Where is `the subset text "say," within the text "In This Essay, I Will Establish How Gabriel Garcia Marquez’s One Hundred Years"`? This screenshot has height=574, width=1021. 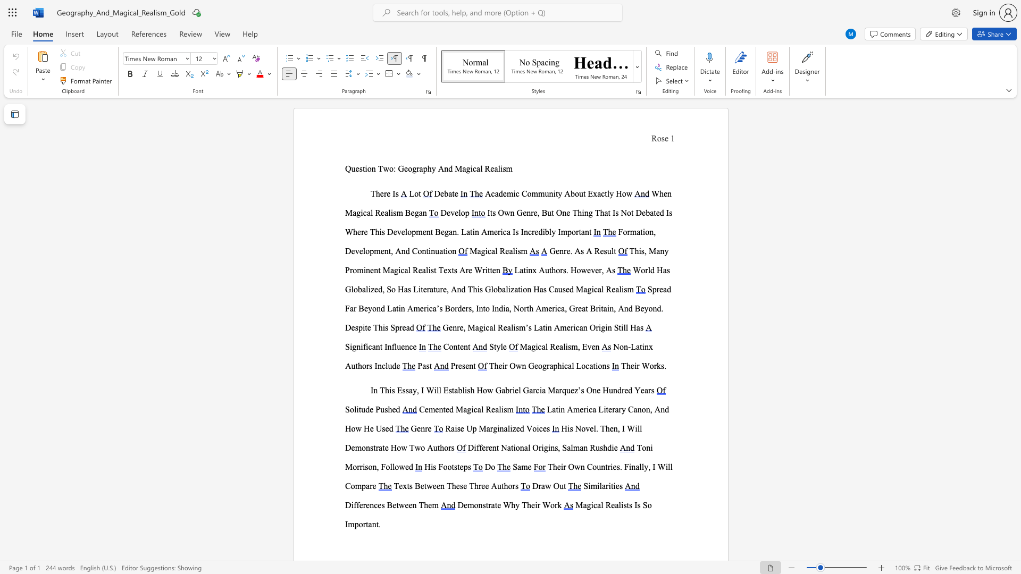 the subset text "say," within the text "In This Essay, I Will Establish How Gabriel Garcia Marquez’s One Hundred Years" is located at coordinates (405, 390).